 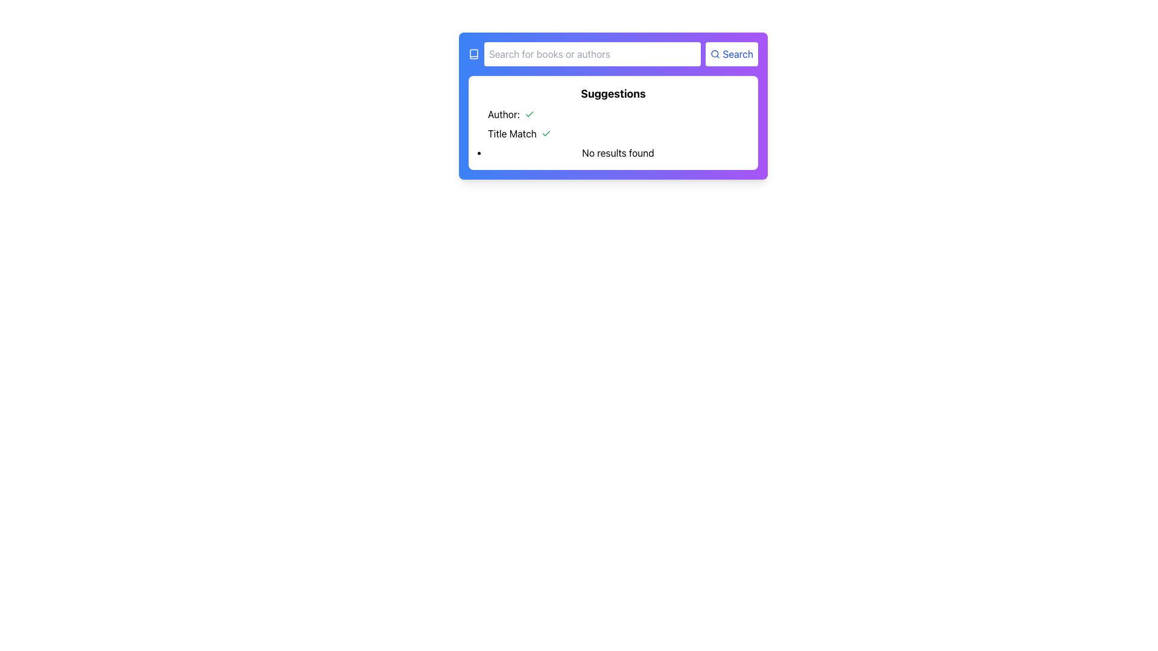 I want to click on the SVG Circle Element that represents the circular lens of the magnifying glass icon located at the right end of the search bar, so click(x=715, y=53).